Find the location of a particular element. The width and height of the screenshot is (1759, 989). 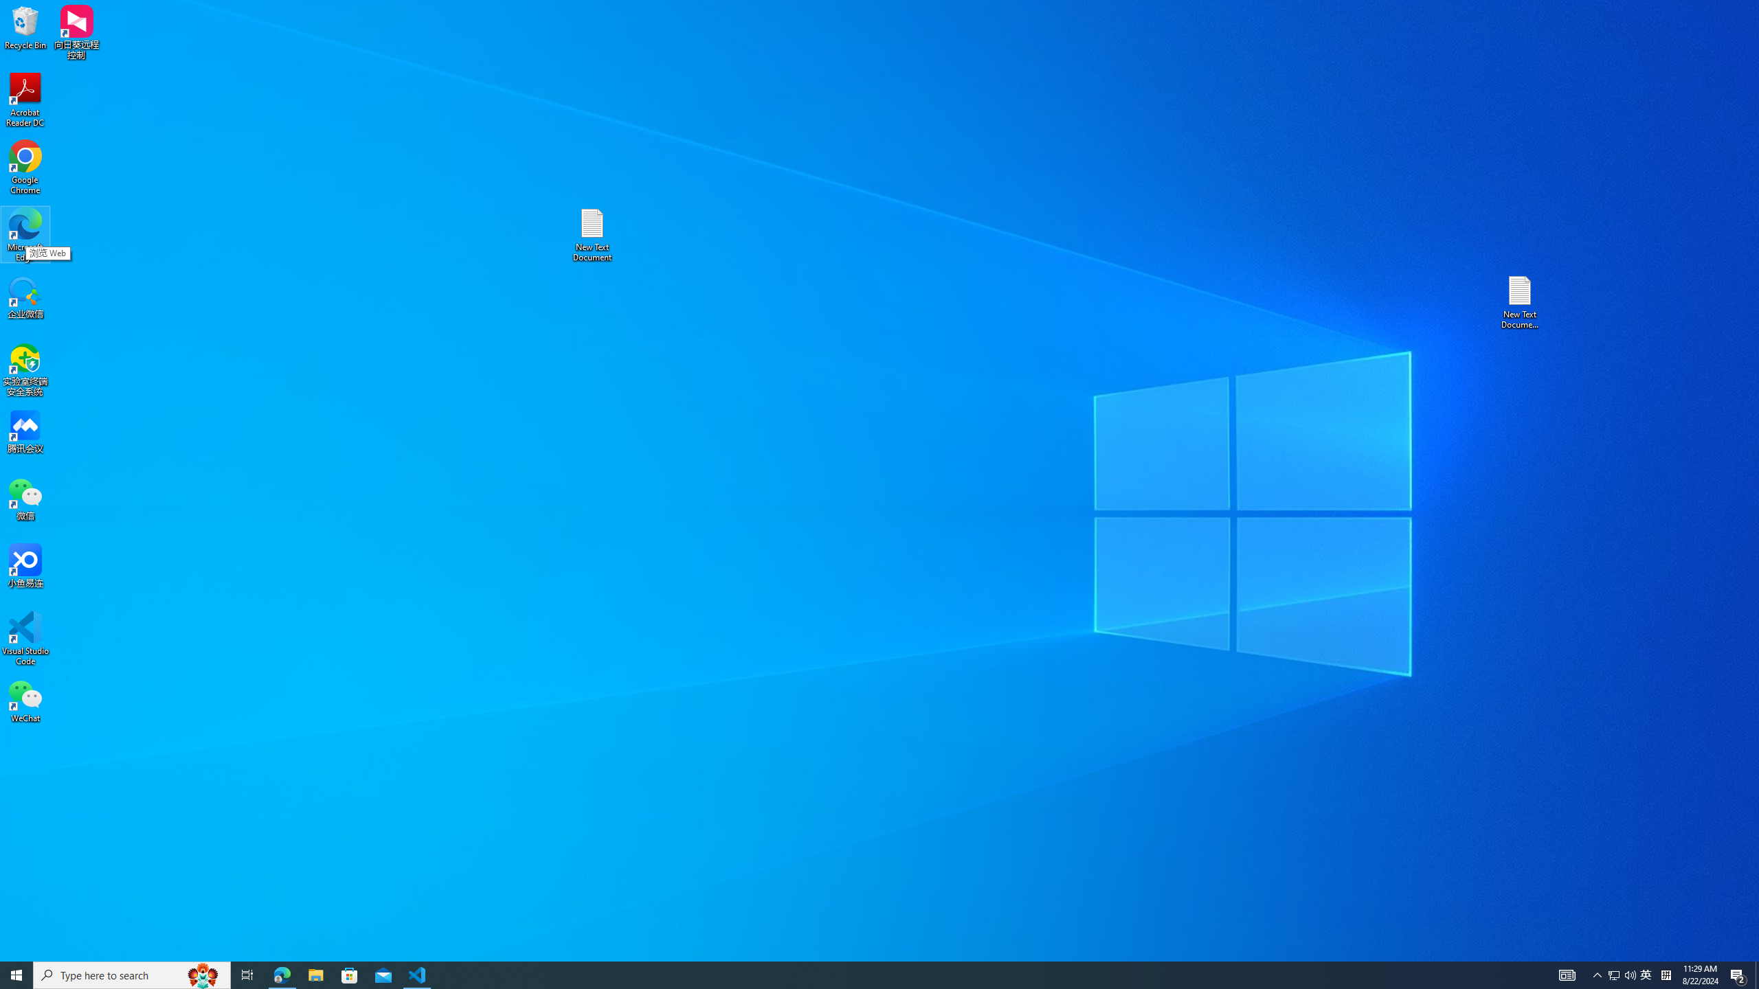

'New Text Document (2)' is located at coordinates (1521, 301).